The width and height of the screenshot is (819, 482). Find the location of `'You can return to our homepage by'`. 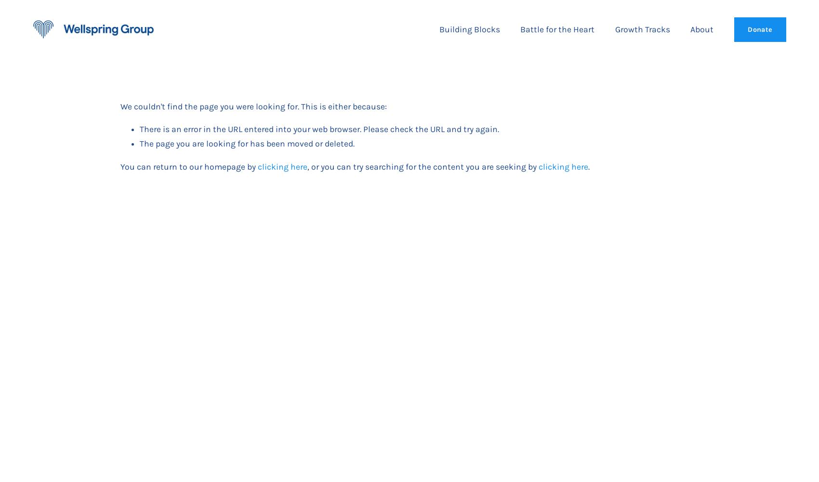

'You can return to our homepage by' is located at coordinates (188, 166).